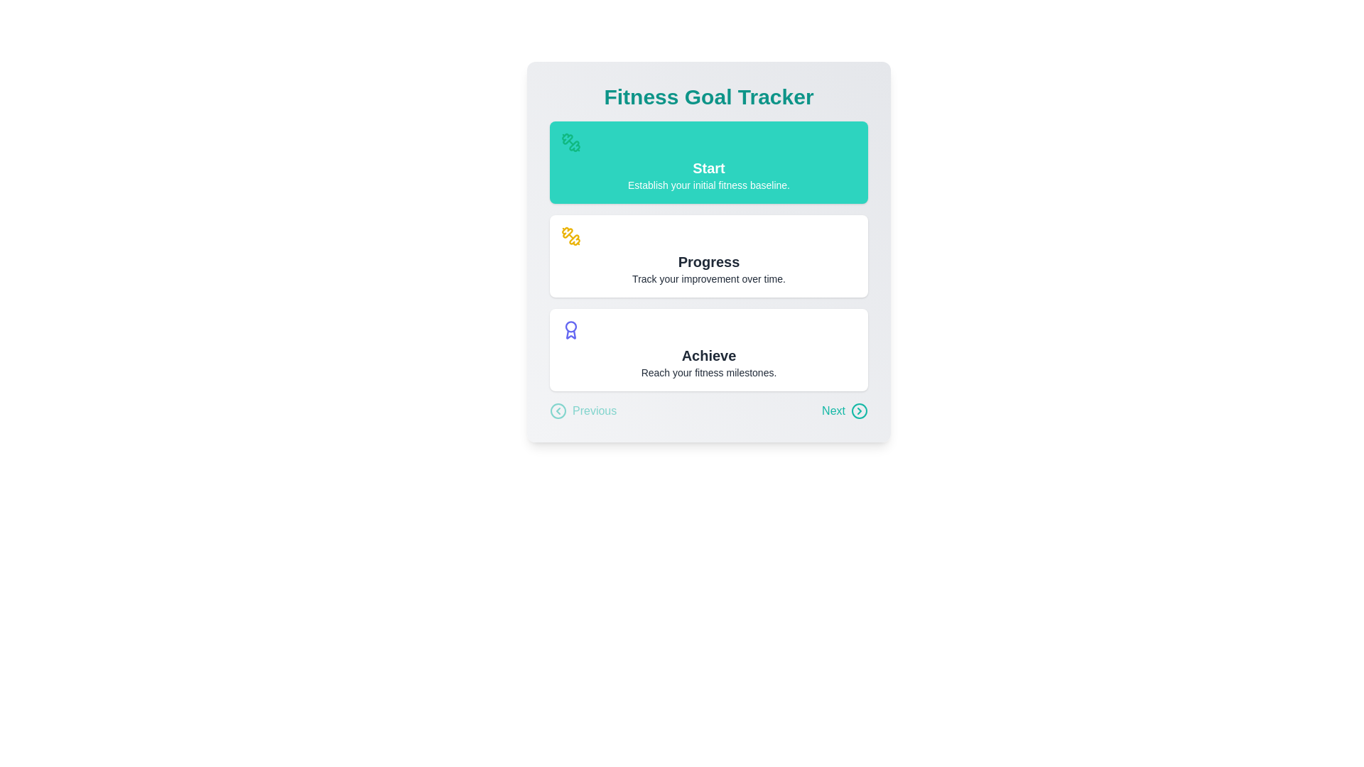 The image size is (1364, 767). Describe the element at coordinates (858, 410) in the screenshot. I see `the circular teal icon with a rightward-pointing chevron located to the right of the 'Next' text in the bottom-right corner of the interface to proceed` at that location.